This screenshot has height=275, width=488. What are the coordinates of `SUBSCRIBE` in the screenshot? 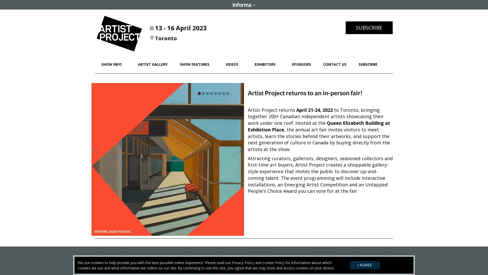 It's located at (369, 28).